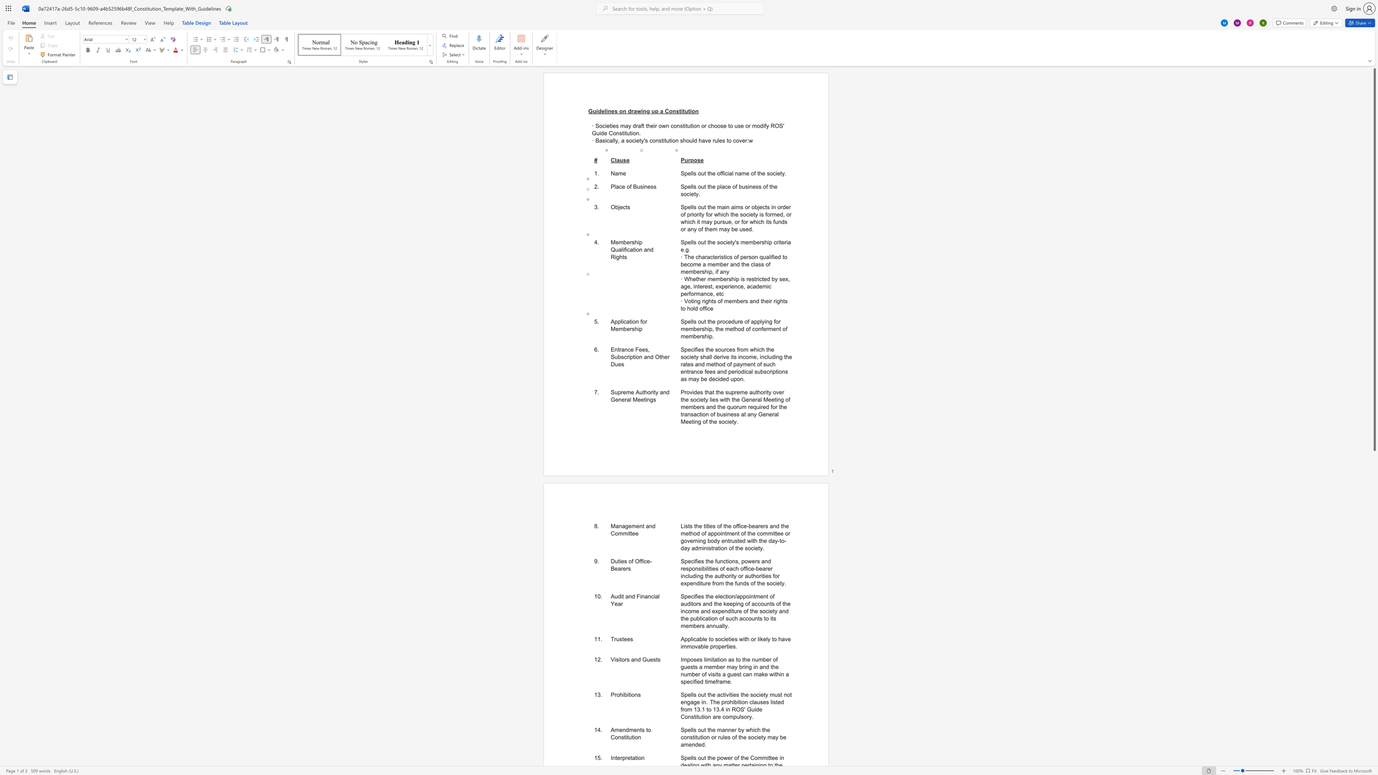 This screenshot has height=775, width=1378. I want to click on the space between the continuous character "t" and "e" in the text, so click(781, 242).